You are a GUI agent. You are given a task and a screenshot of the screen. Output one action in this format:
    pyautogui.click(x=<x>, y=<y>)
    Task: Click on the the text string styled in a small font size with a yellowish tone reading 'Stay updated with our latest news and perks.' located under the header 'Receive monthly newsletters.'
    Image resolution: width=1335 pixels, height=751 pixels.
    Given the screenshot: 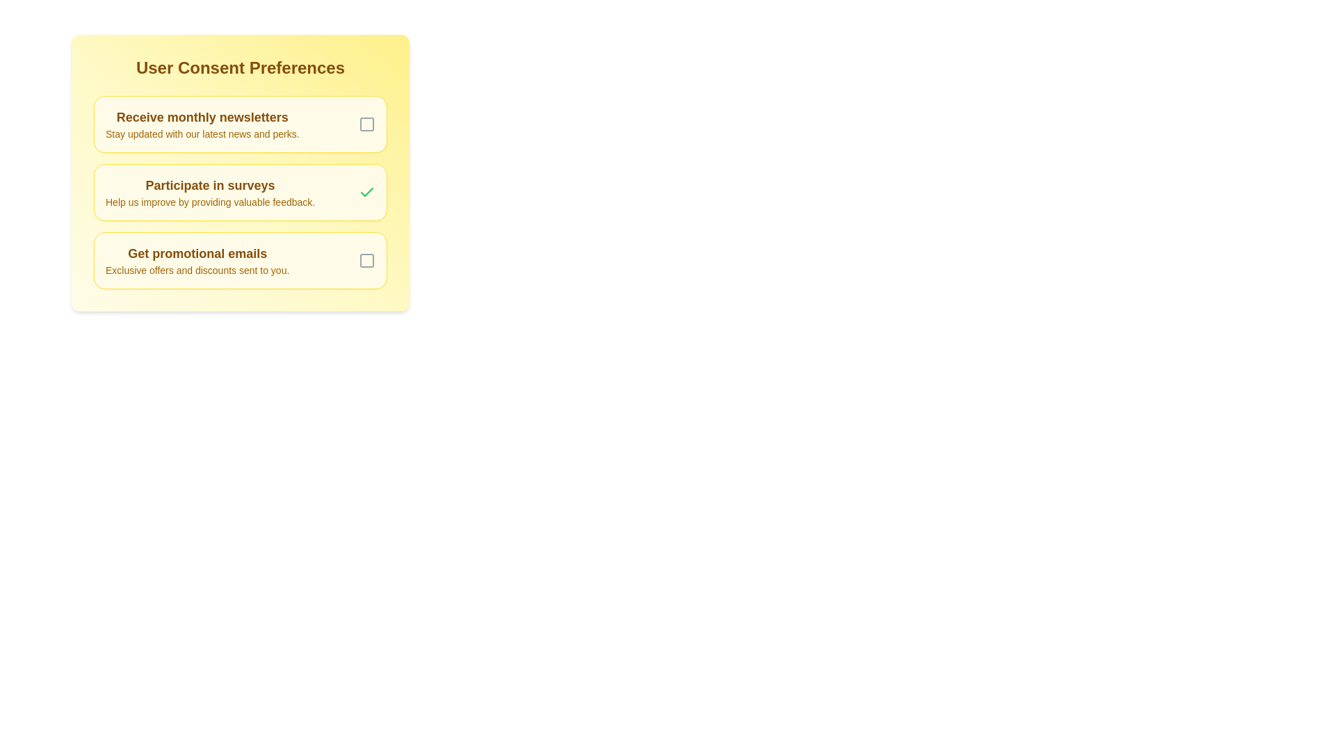 What is the action you would take?
    pyautogui.click(x=202, y=134)
    